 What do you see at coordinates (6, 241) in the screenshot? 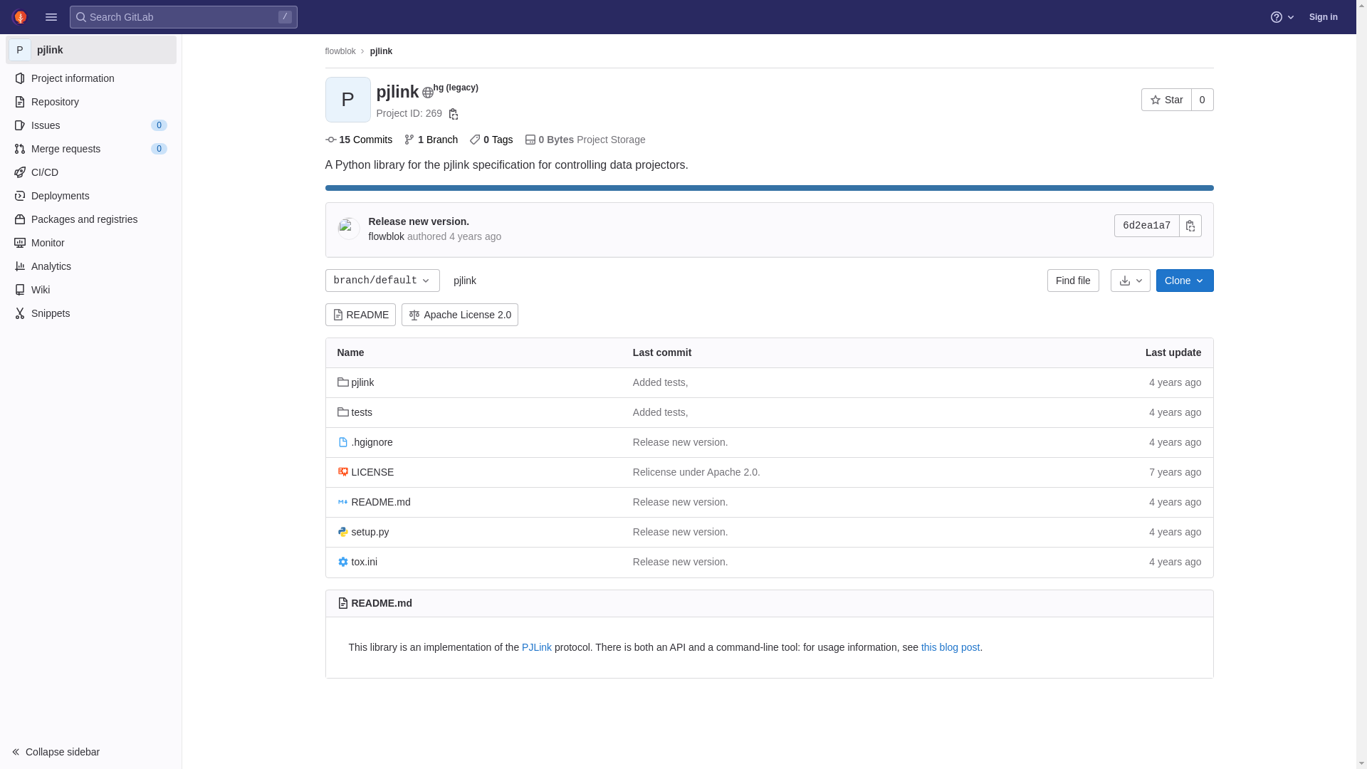
I see `'Monitor'` at bounding box center [6, 241].